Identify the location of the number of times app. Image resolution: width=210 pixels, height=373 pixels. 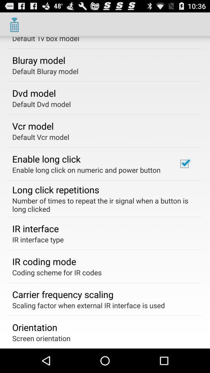
(102, 204).